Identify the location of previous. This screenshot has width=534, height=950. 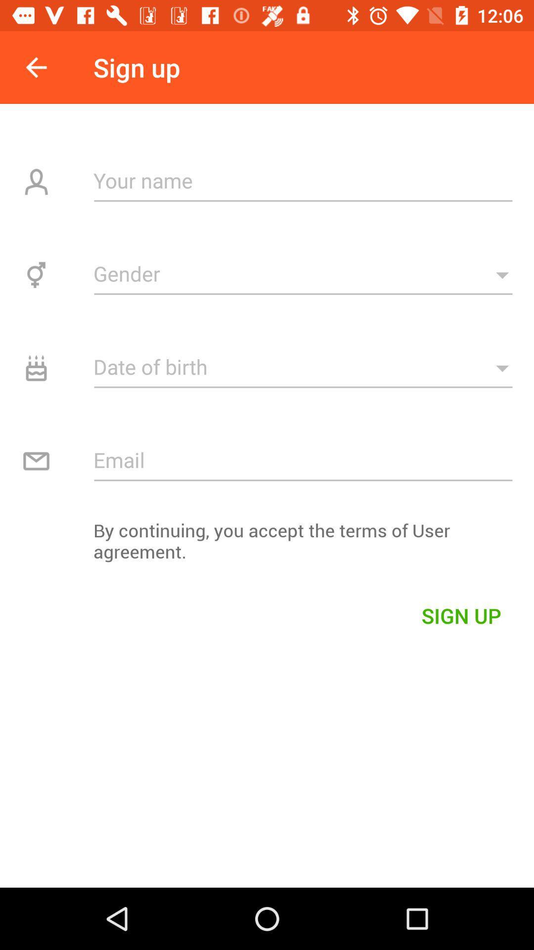
(36, 67).